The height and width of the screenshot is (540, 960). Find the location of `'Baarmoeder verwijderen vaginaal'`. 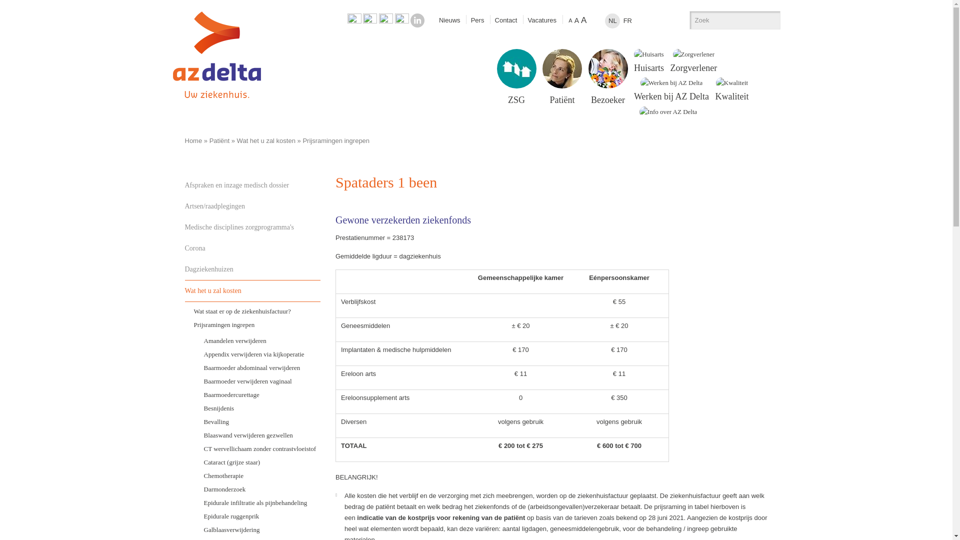

'Baarmoeder verwijderen vaginaal' is located at coordinates (257, 380).